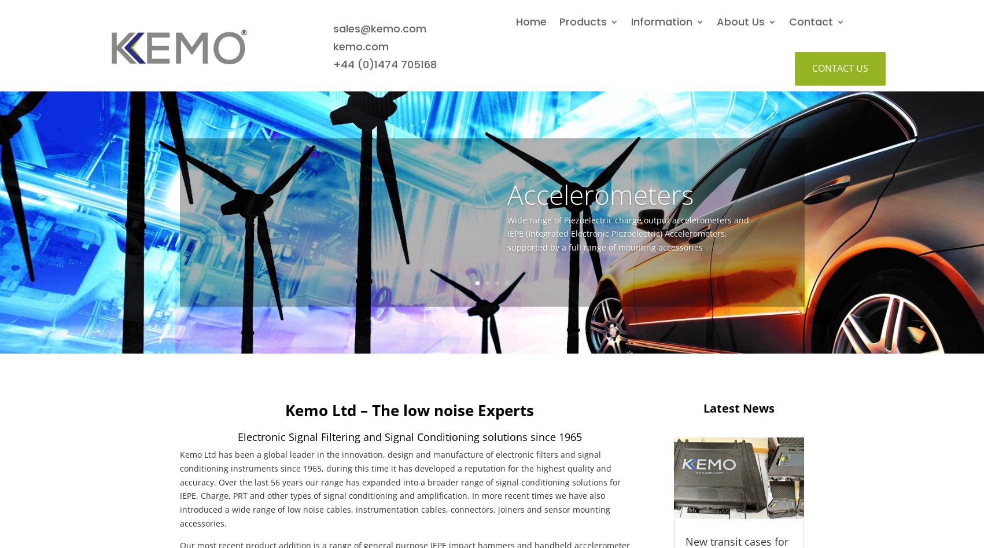 The width and height of the screenshot is (984, 548). Describe the element at coordinates (743, 54) in the screenshot. I see `'DIN Rail Filters'` at that location.